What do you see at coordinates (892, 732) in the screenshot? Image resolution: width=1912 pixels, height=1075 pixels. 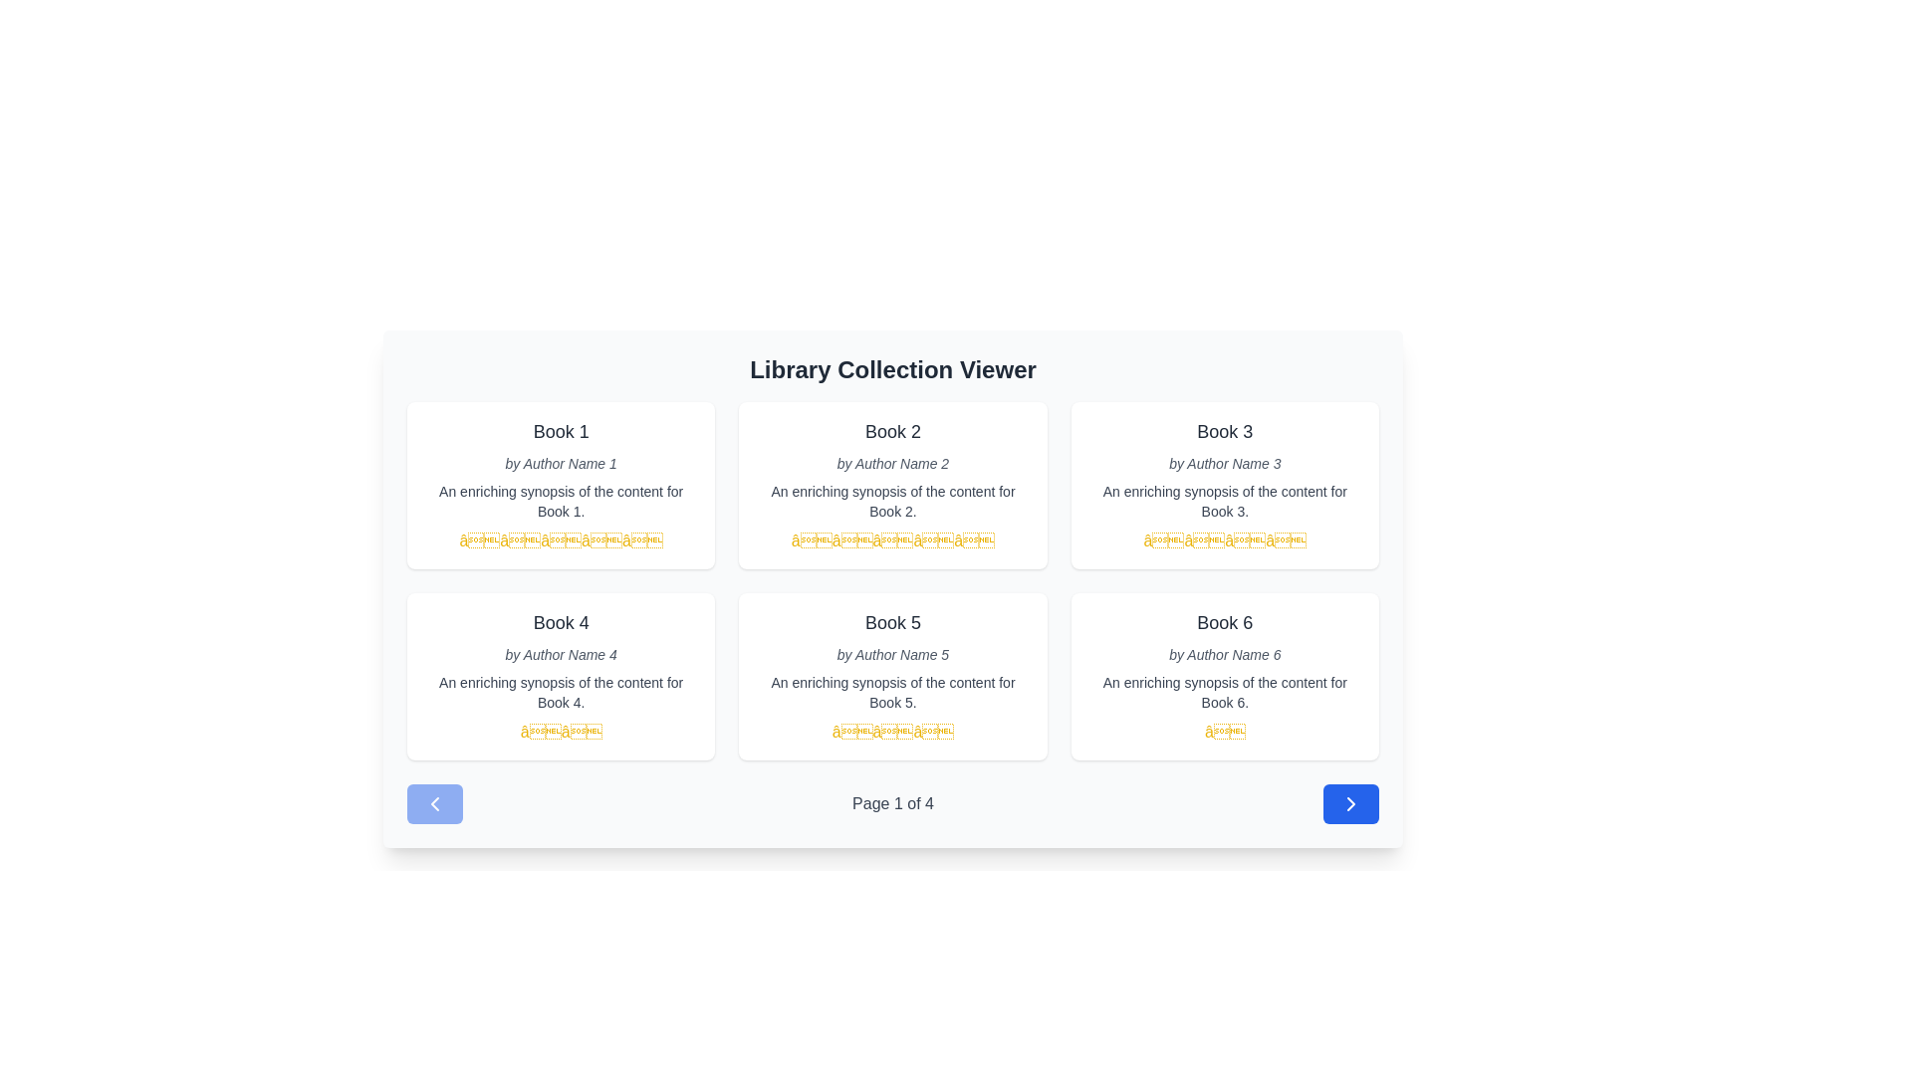 I see `the yellow star icon, which is the second star in the row of three stars below the description of 'Book 5' in the Library Collection Viewer` at bounding box center [892, 732].